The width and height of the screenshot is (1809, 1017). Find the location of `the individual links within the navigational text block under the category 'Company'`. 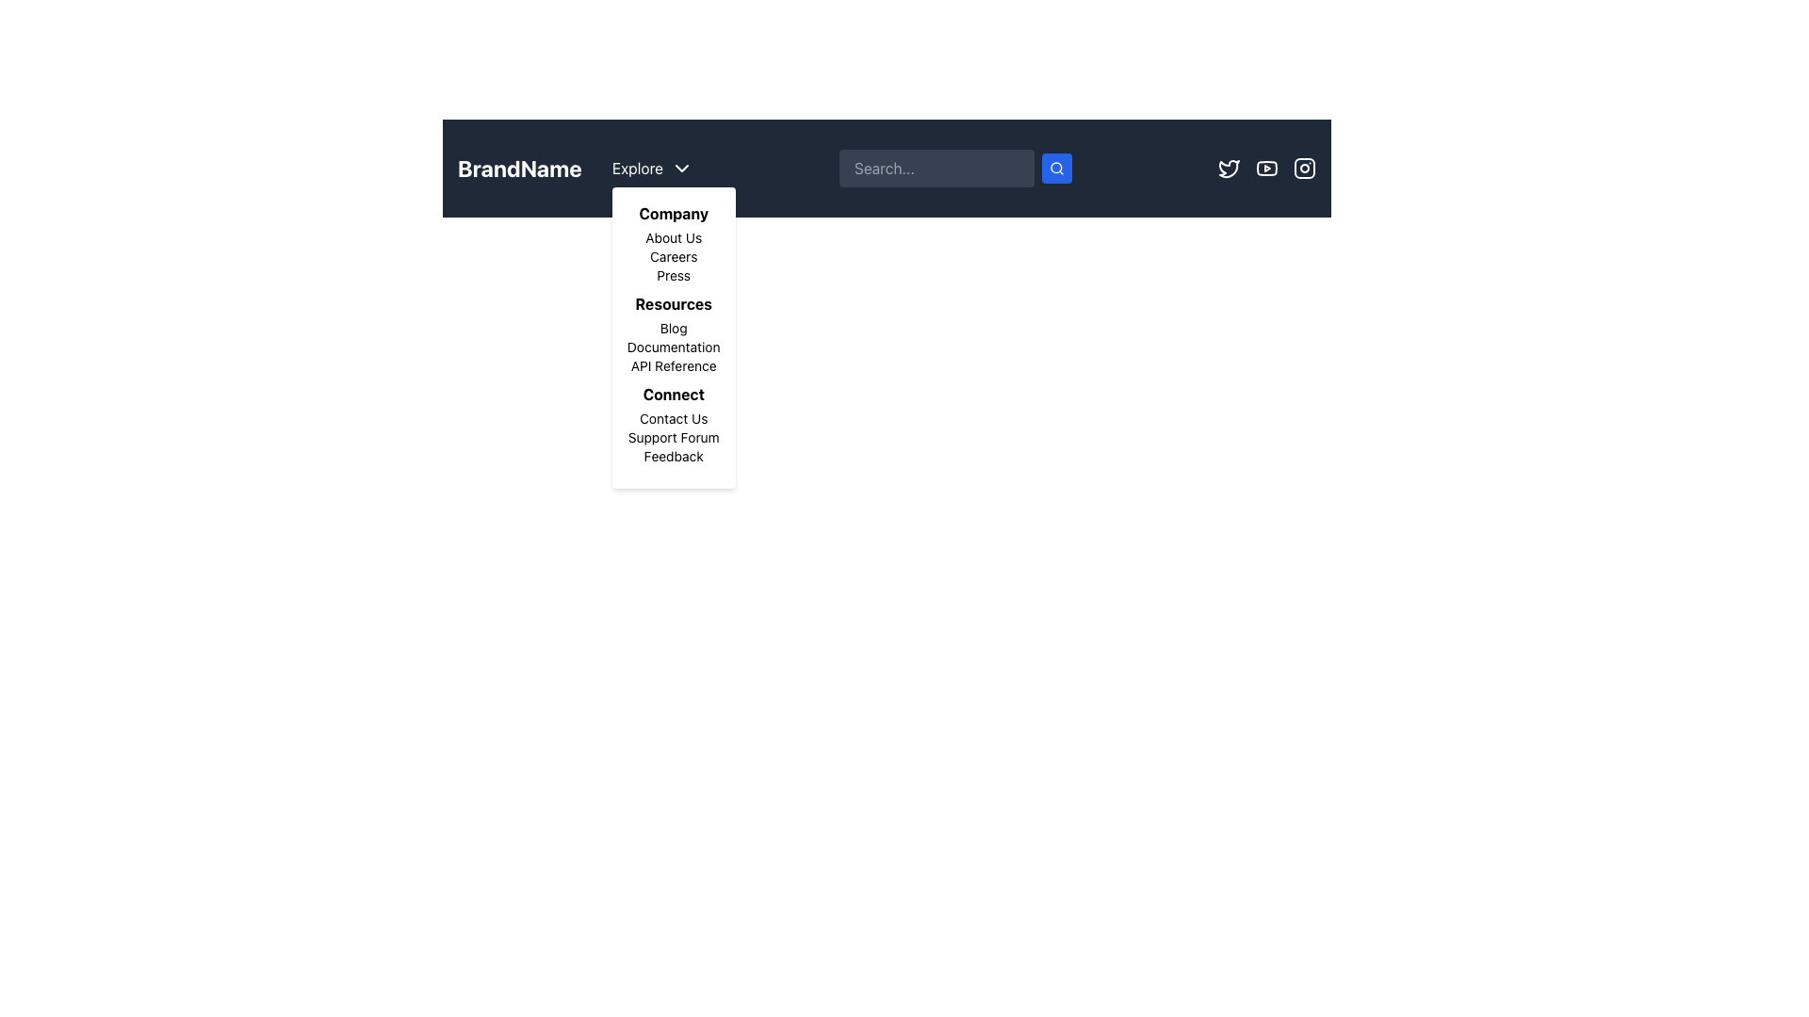

the individual links within the navigational text block under the category 'Company' is located at coordinates (674, 242).